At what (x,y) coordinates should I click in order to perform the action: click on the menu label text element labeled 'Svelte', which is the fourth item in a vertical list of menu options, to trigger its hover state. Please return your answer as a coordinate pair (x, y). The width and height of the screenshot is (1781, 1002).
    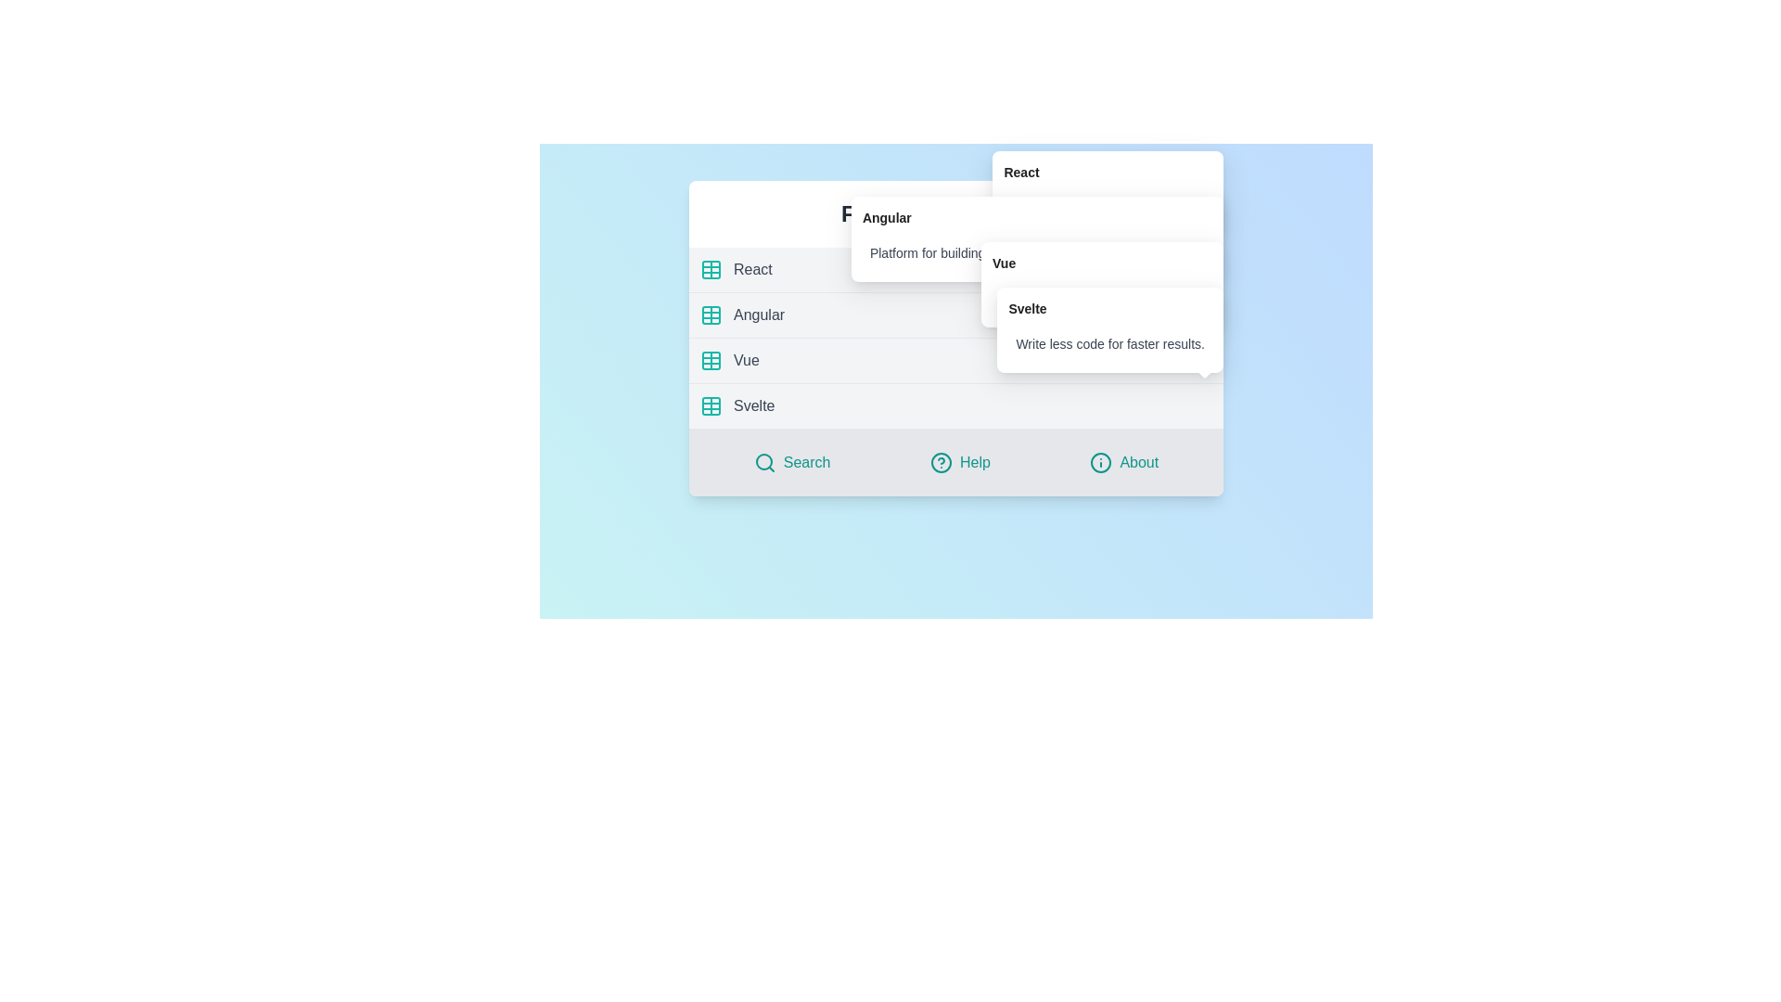
    Looking at the image, I should click on (754, 405).